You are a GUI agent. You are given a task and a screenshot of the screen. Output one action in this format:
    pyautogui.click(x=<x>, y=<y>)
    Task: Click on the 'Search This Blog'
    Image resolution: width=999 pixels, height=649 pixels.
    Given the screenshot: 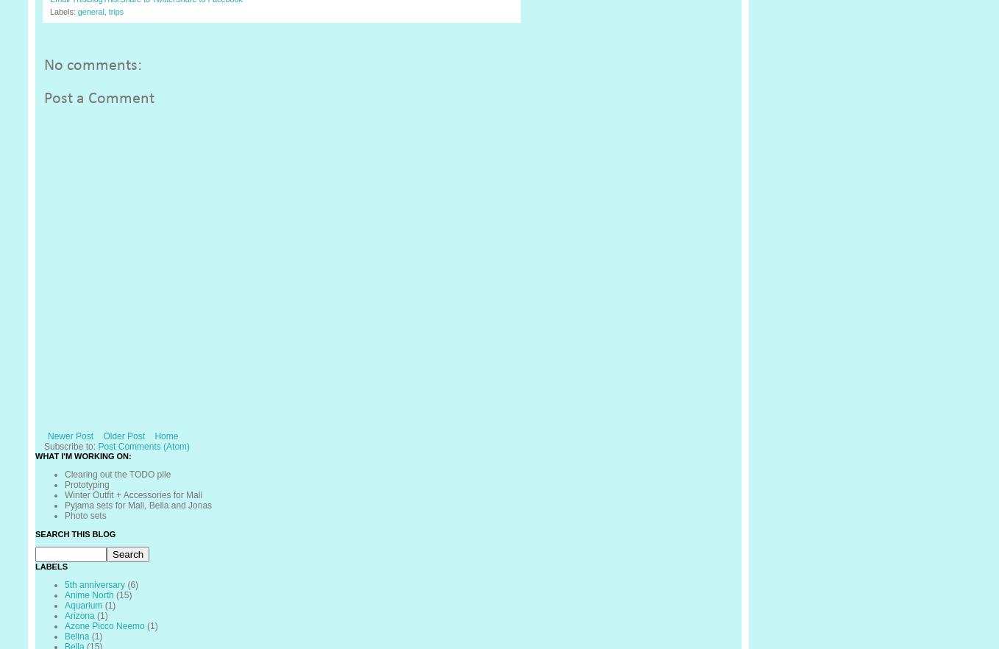 What is the action you would take?
    pyautogui.click(x=74, y=533)
    